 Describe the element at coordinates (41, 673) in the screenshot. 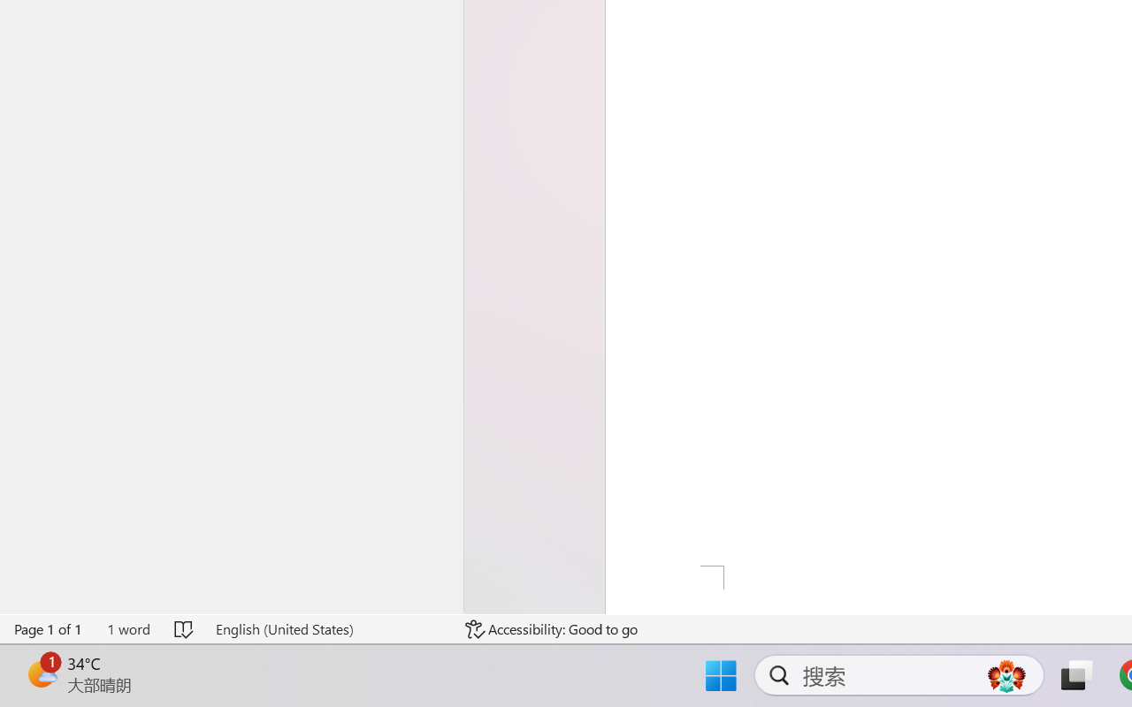

I see `'AutomationID: BadgeAnchorLargeTicker'` at that location.